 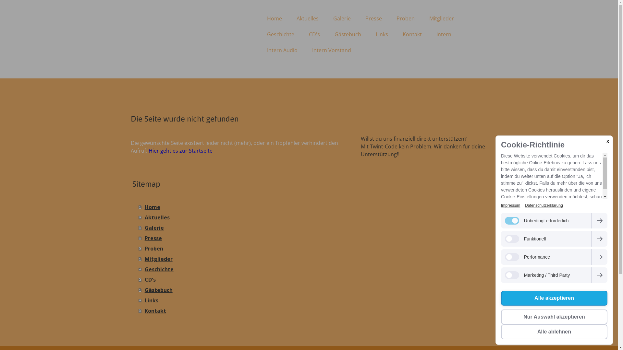 What do you see at coordinates (243, 248) in the screenshot?
I see `'Proben'` at bounding box center [243, 248].